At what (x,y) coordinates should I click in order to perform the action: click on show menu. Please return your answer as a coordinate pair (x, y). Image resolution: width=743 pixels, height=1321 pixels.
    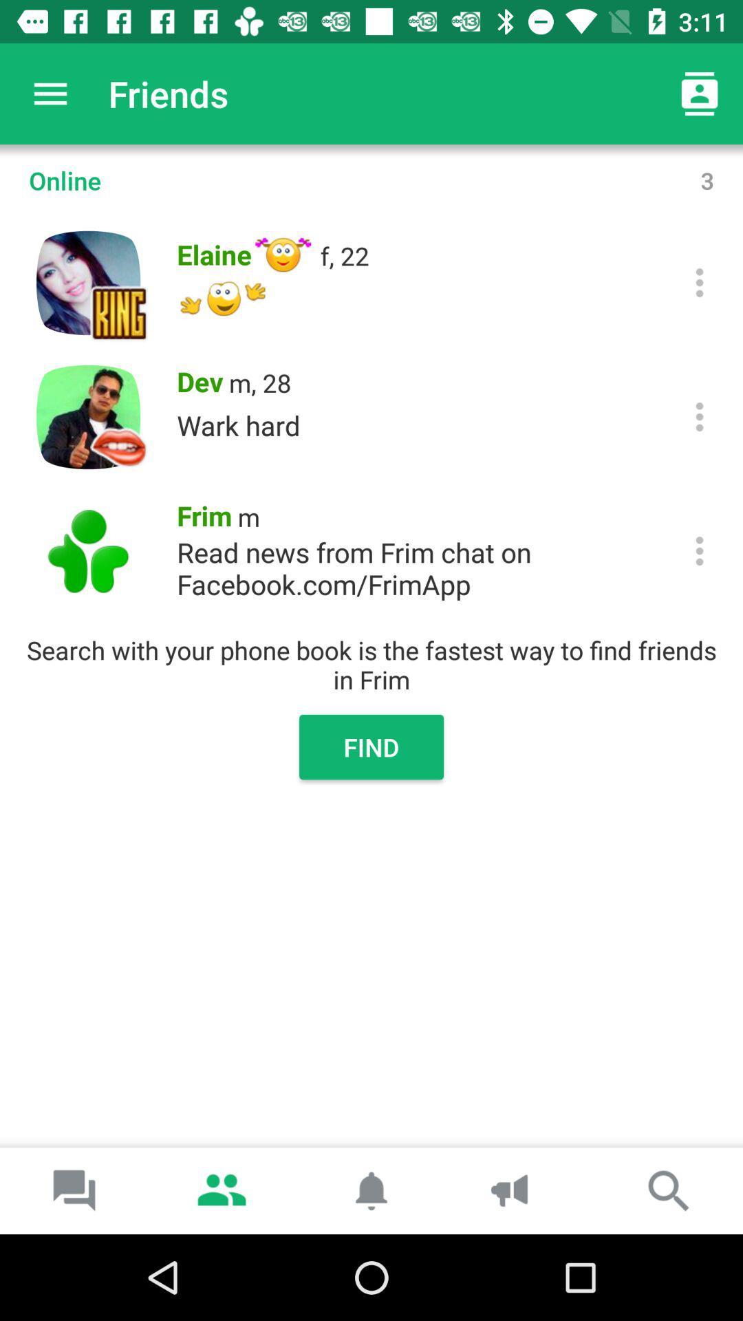
    Looking at the image, I should click on (700, 416).